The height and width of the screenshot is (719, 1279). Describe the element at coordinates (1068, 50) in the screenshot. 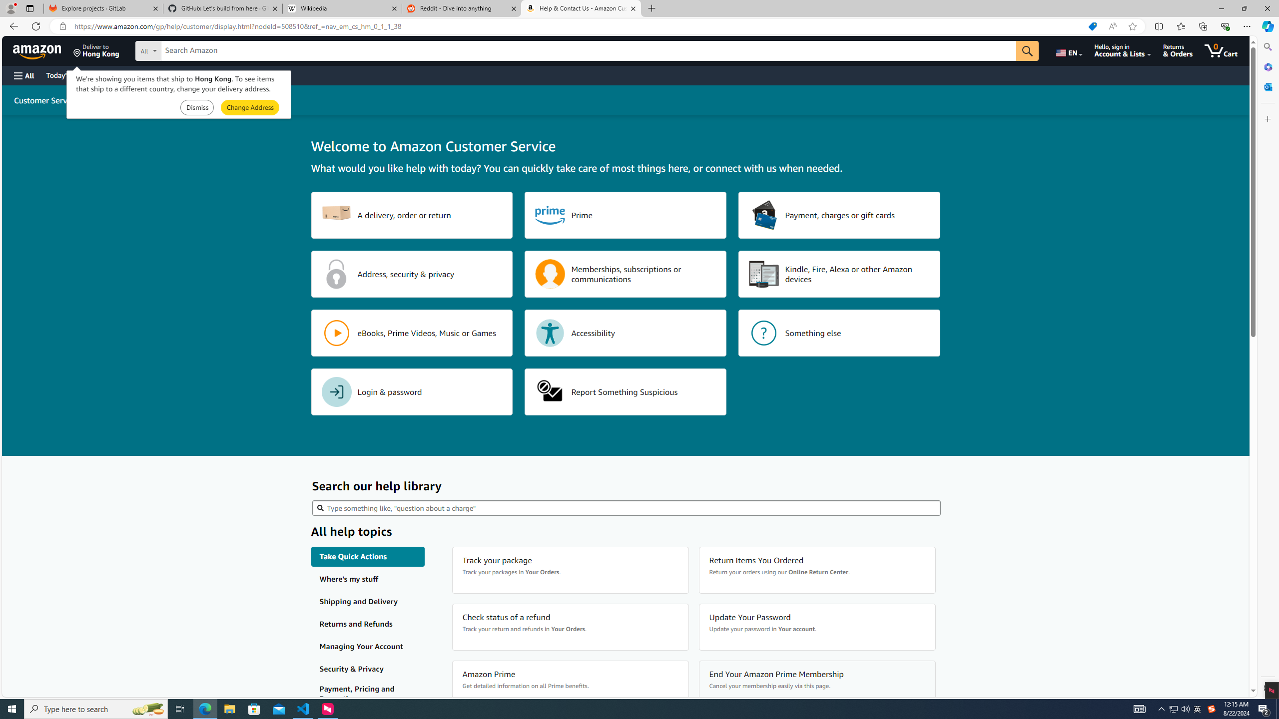

I see `'Choose a language for shopping.'` at that location.